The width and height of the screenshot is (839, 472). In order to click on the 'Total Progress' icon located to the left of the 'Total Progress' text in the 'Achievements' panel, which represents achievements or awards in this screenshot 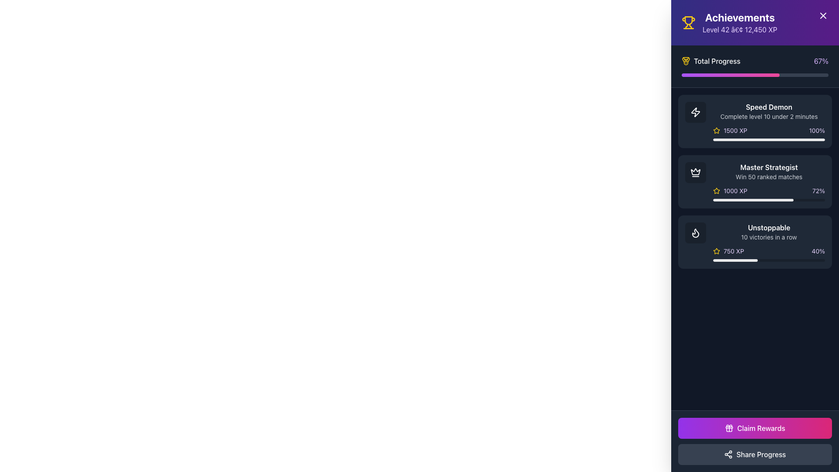, I will do `click(685, 60)`.